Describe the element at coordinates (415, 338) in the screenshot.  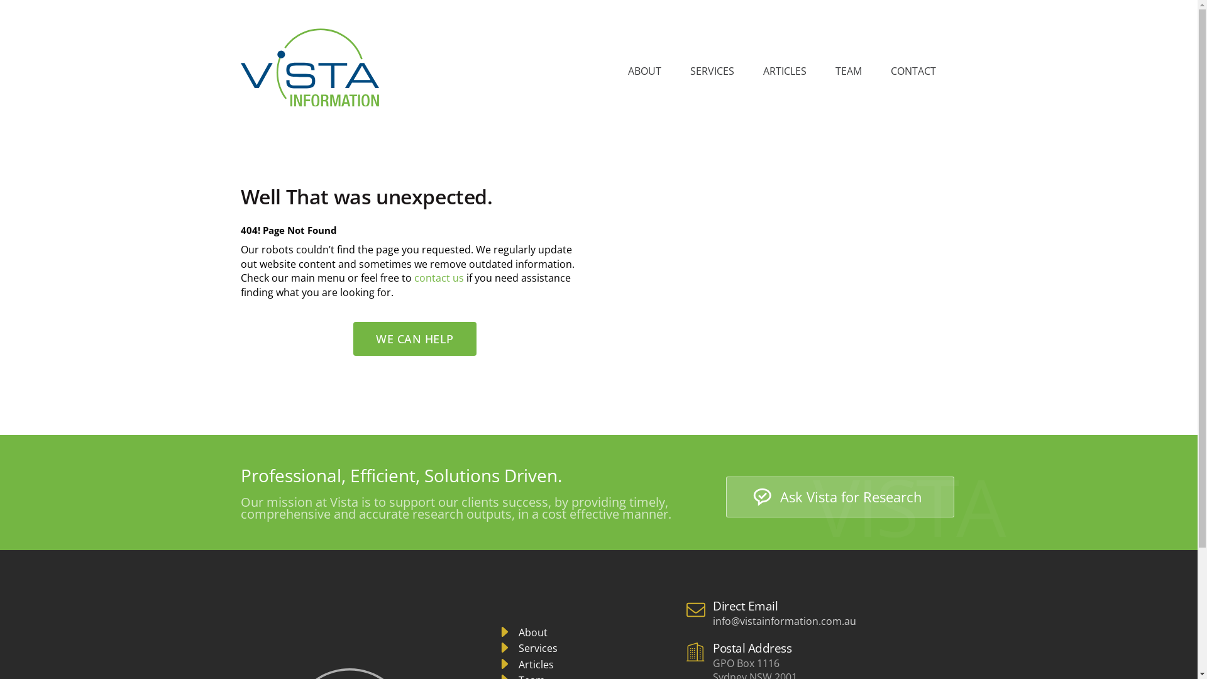
I see `'WE CAN HELP'` at that location.